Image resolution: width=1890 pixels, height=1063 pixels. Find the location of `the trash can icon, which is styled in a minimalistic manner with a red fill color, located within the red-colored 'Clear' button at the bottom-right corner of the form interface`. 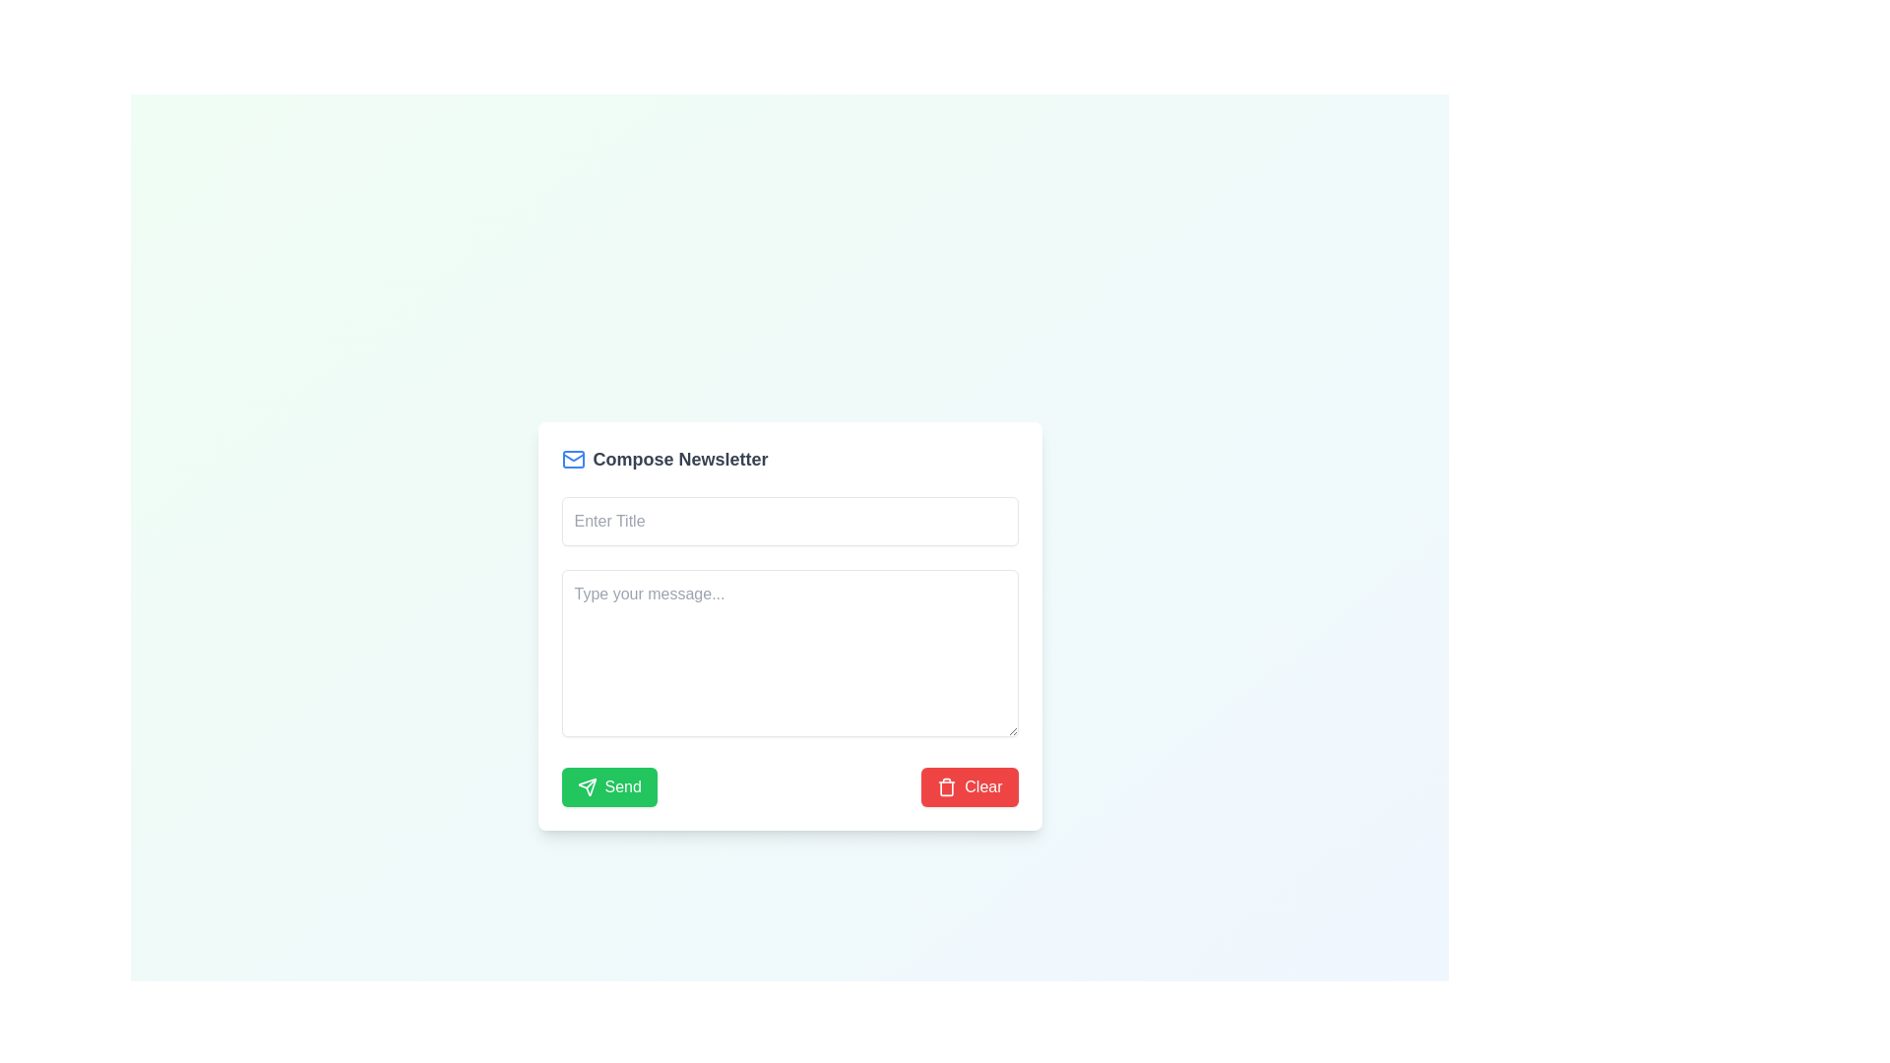

the trash can icon, which is styled in a minimalistic manner with a red fill color, located within the red-colored 'Clear' button at the bottom-right corner of the form interface is located at coordinates (947, 785).